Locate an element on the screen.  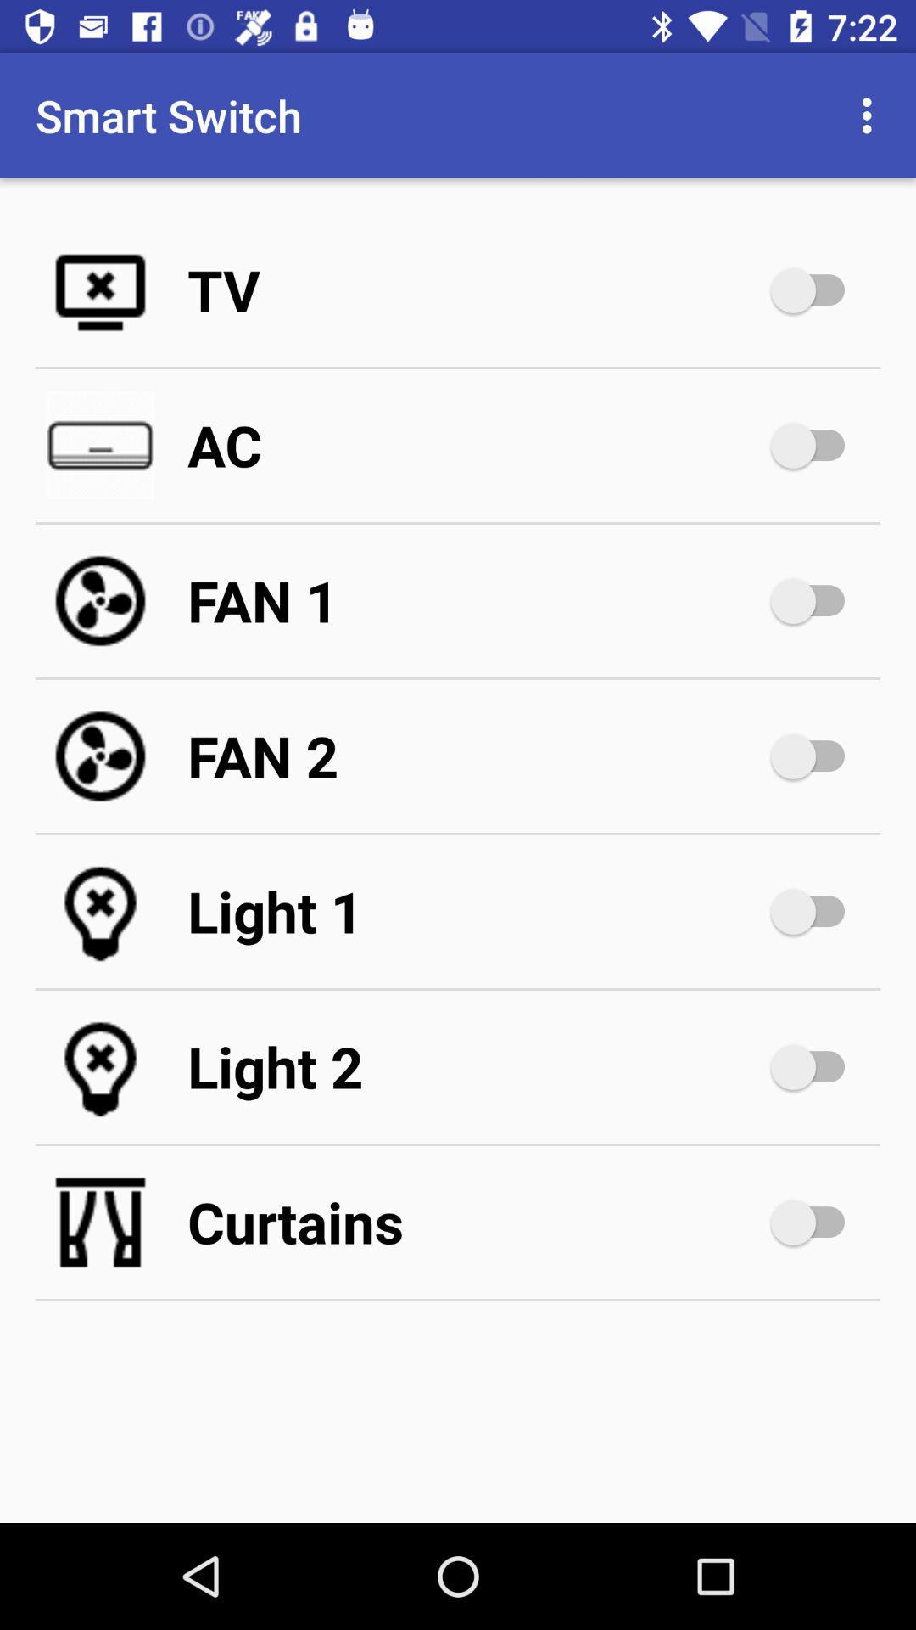
second fan is located at coordinates (815, 756).